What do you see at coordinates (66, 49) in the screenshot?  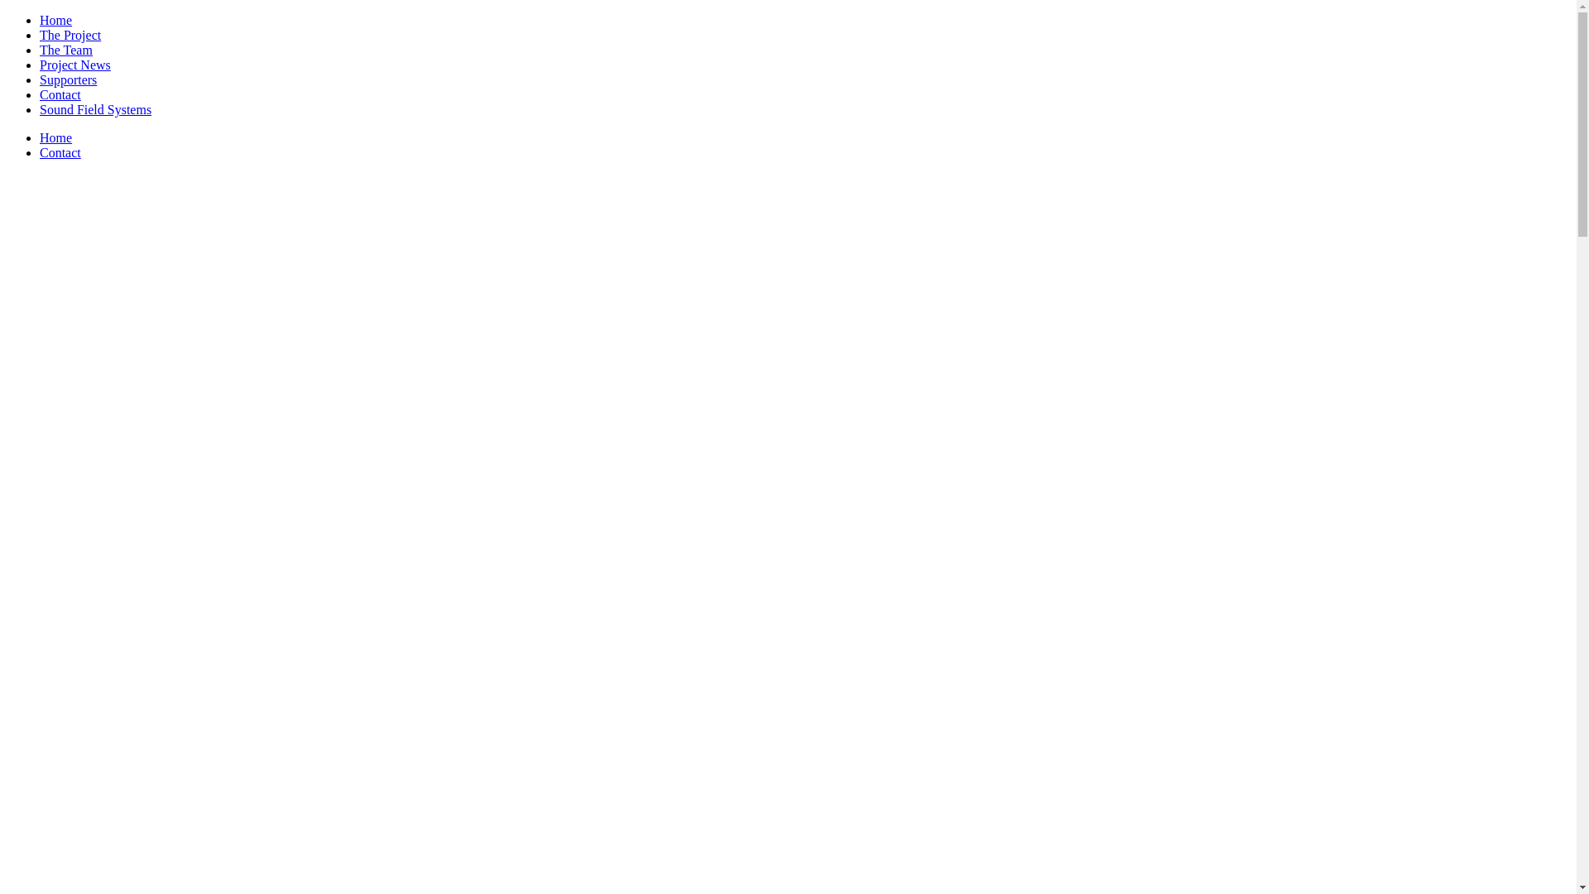 I see `'The Team'` at bounding box center [66, 49].